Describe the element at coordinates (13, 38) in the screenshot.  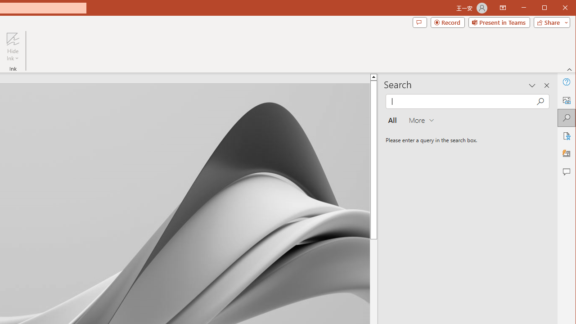
I see `'Hide Ink'` at that location.